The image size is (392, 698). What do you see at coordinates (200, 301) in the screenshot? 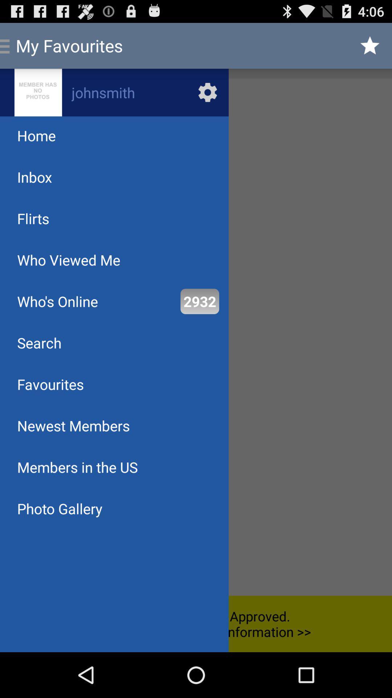
I see `icon above the your profile is item` at bounding box center [200, 301].